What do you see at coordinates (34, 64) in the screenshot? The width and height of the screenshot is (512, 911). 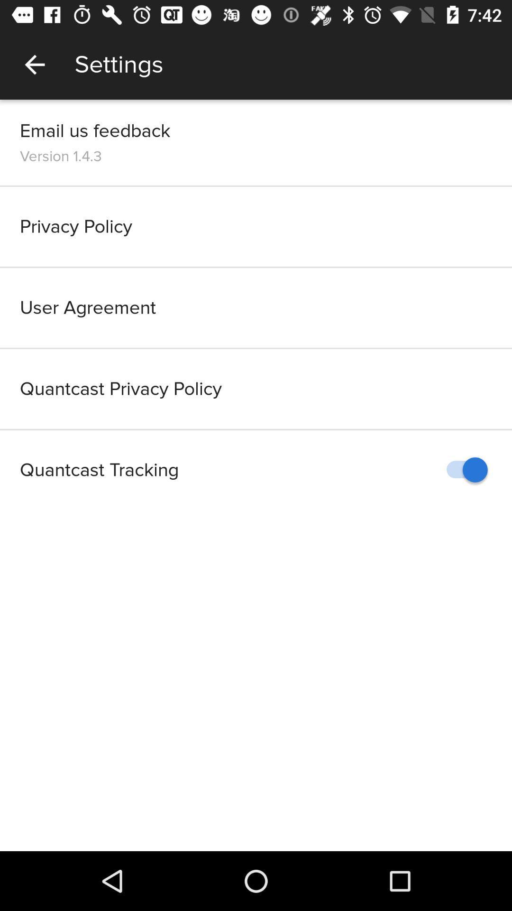 I see `the icon above email us feedback item` at bounding box center [34, 64].